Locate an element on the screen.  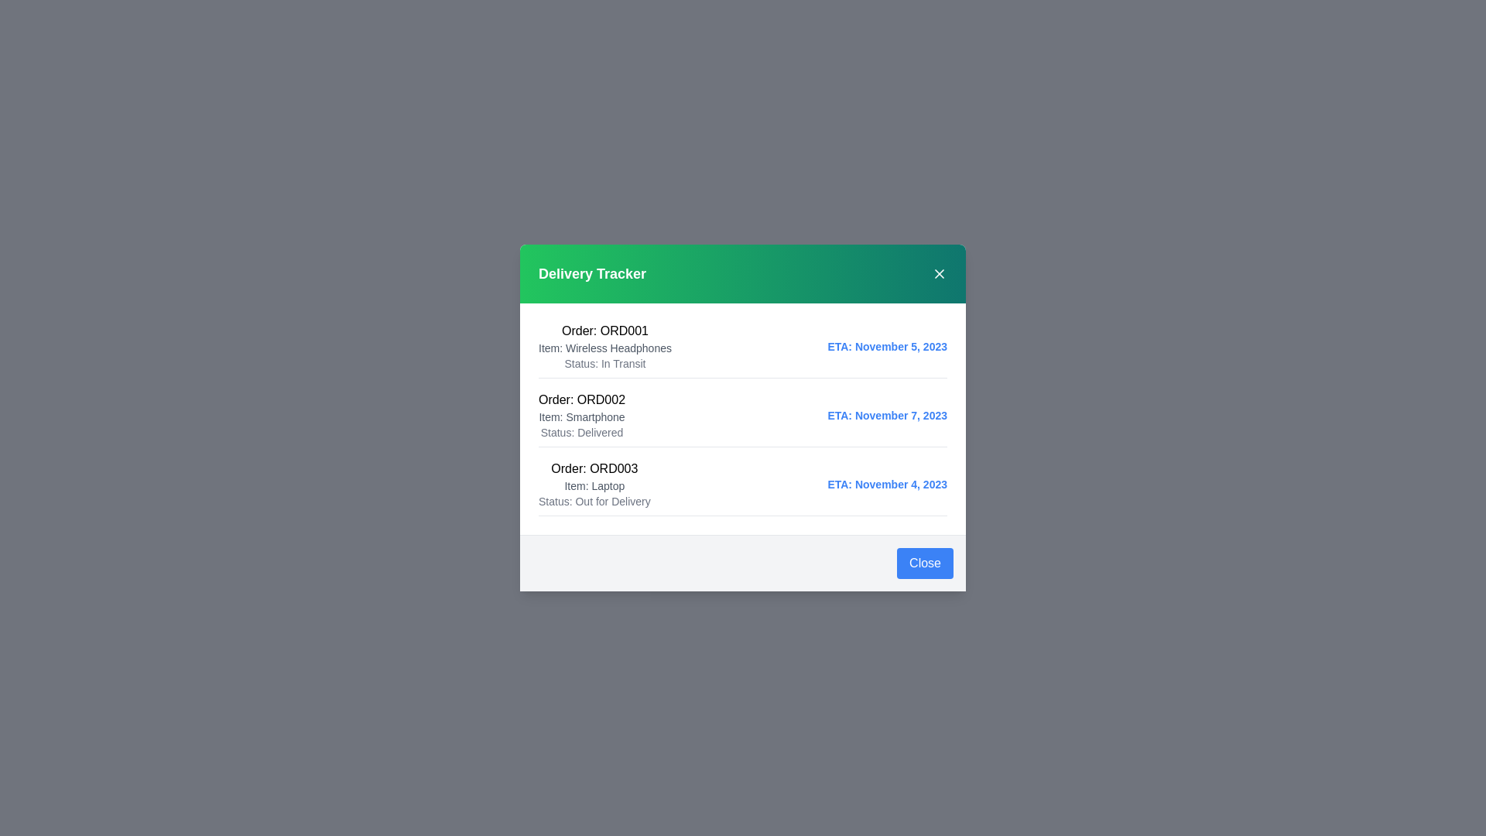
the 'Close' button in the footer to close the dialog is located at coordinates (925, 564).